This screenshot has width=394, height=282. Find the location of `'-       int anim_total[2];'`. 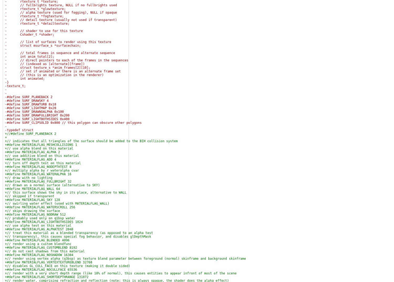

'-       int anim_total[2];' is located at coordinates (5, 56).